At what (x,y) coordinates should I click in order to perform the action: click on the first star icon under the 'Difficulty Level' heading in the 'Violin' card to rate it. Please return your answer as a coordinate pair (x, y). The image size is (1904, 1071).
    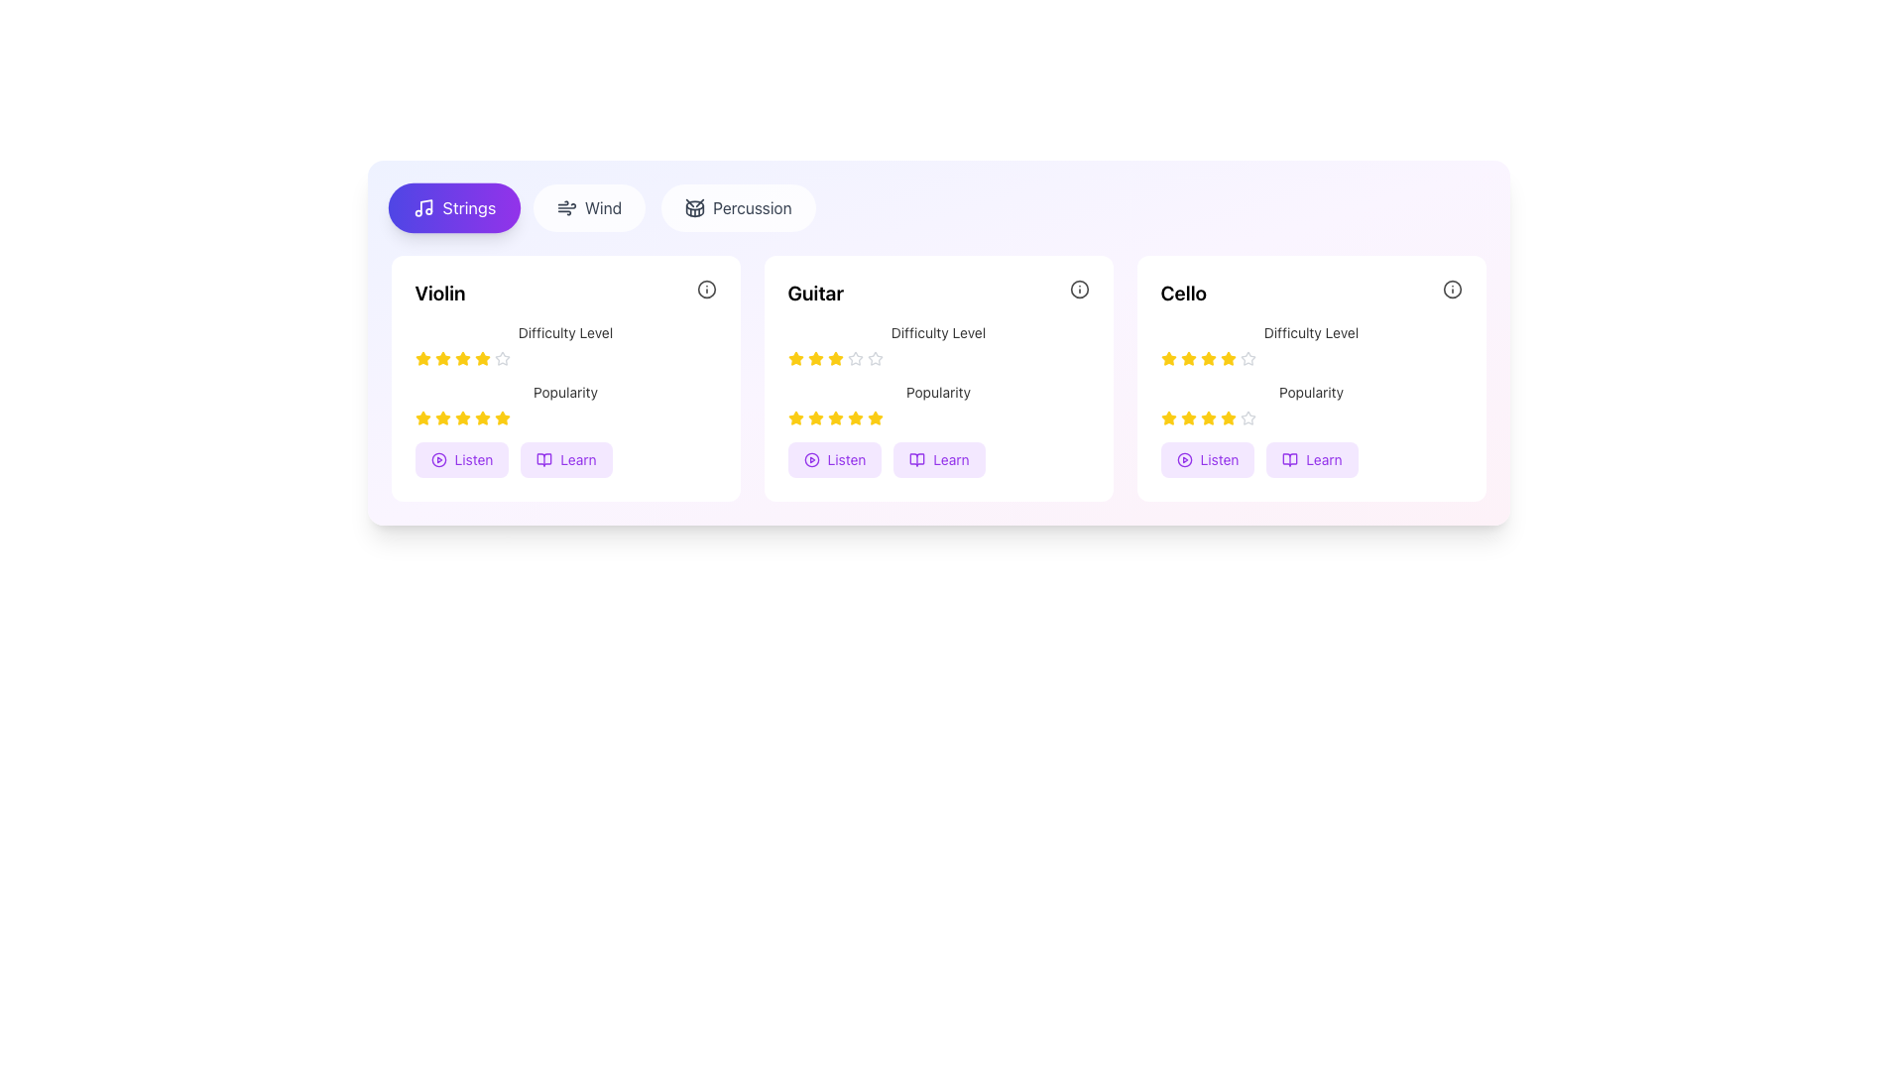
    Looking at the image, I should click on (421, 358).